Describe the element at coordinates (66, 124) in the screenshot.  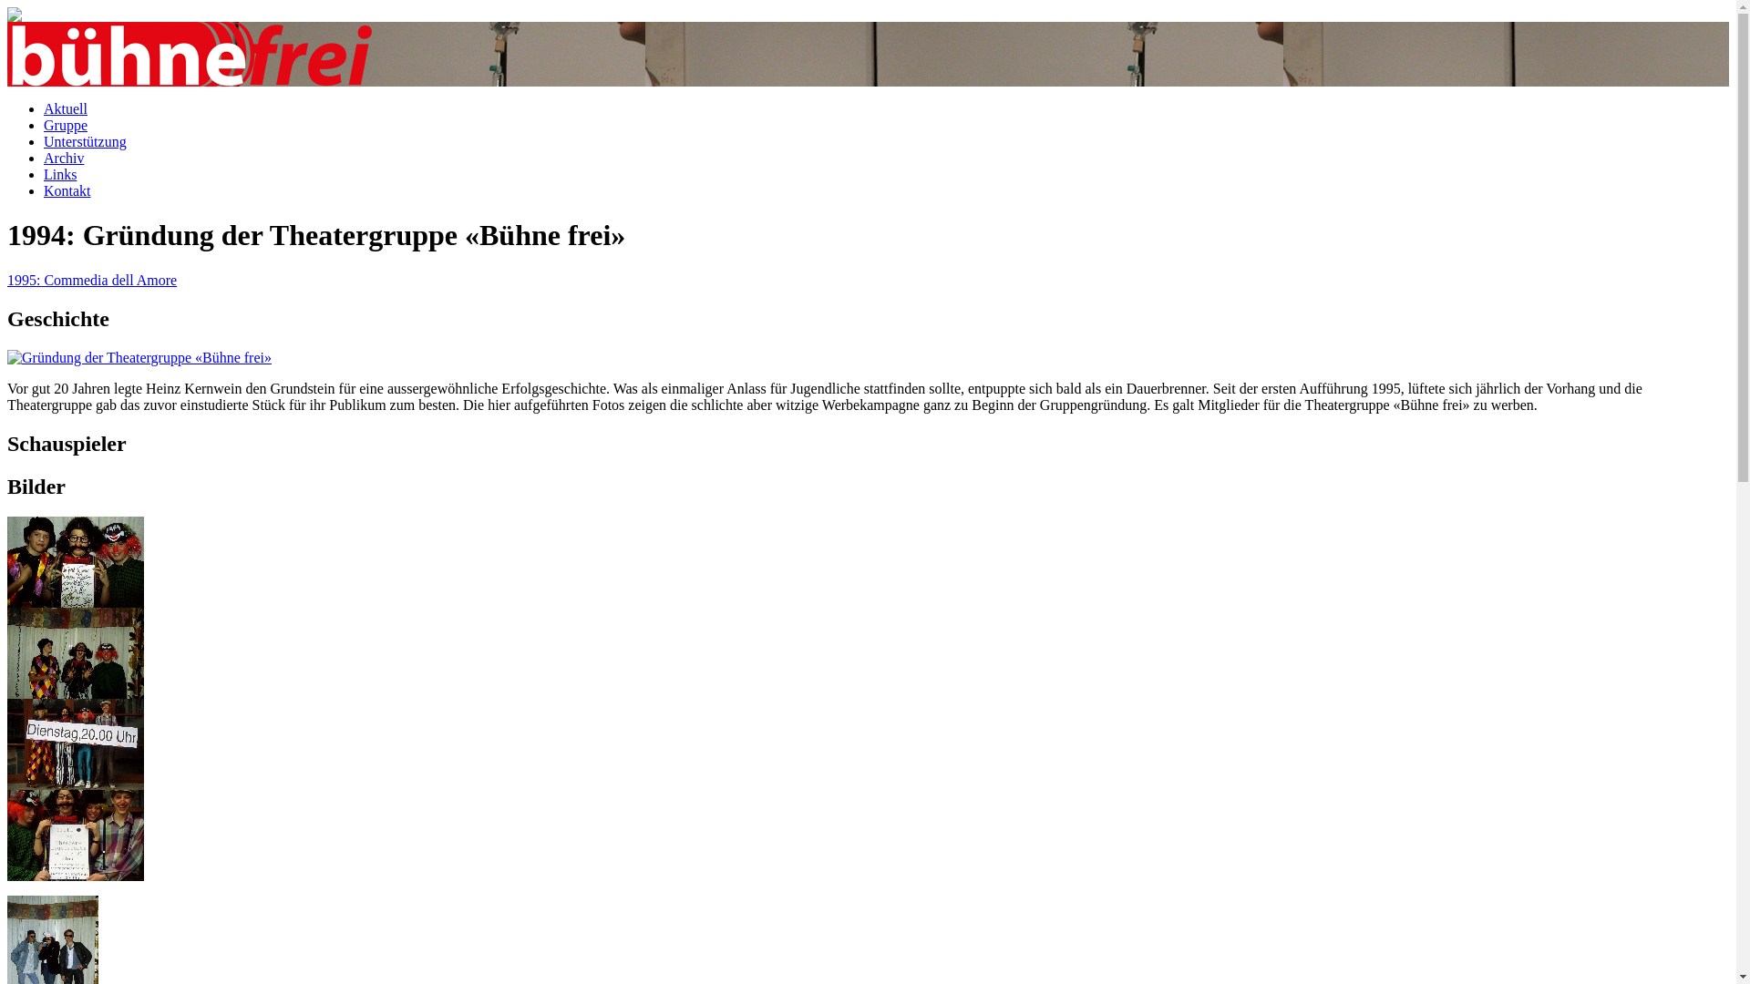
I see `'Gruppe'` at that location.